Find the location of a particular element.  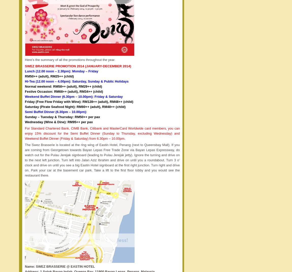

'Sunday – Tuesday & Thursday:' is located at coordinates (24, 117).